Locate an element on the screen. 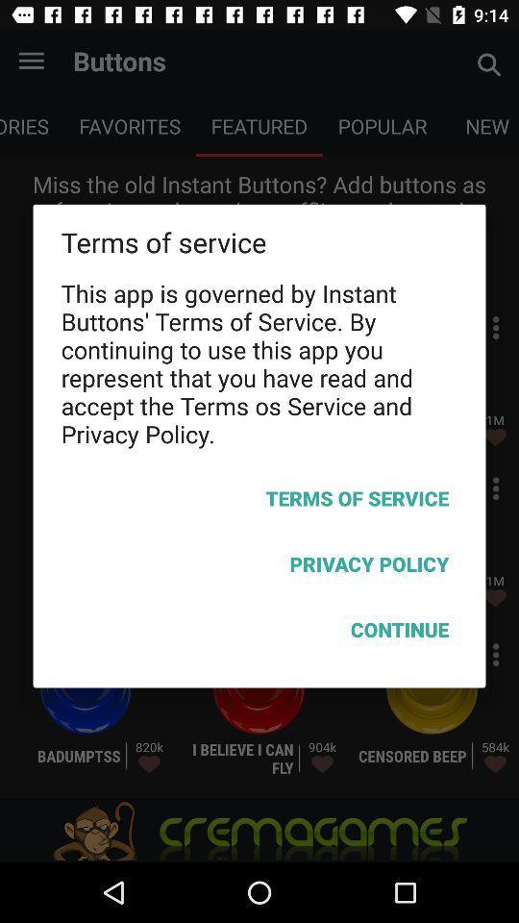 This screenshot has width=519, height=923. the icon below privacy policy is located at coordinates (259, 632).